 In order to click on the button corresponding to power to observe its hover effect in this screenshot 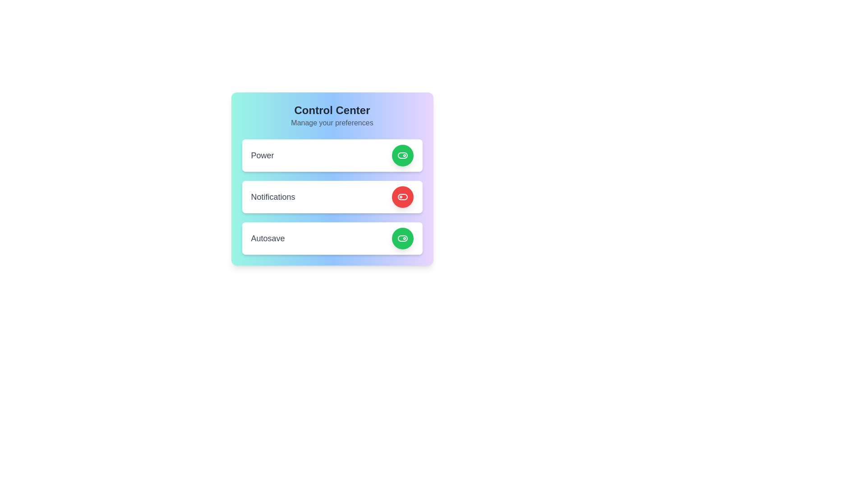, I will do `click(402, 155)`.